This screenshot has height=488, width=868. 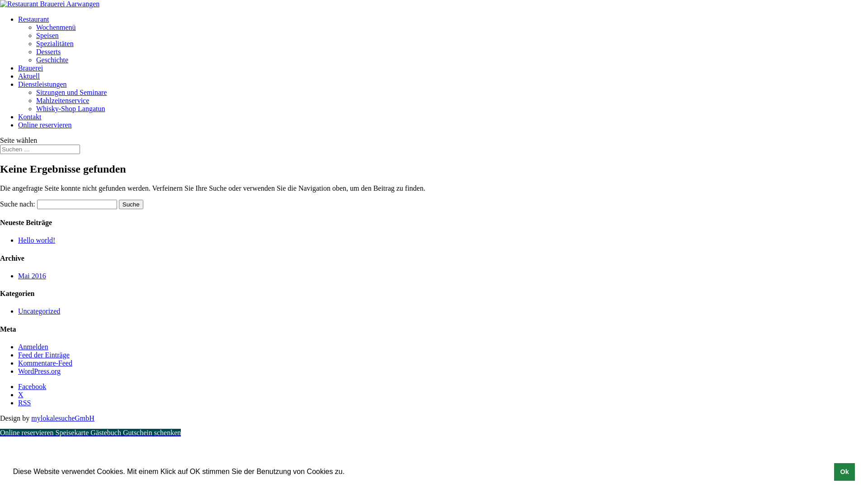 What do you see at coordinates (844, 471) in the screenshot?
I see `'Ok'` at bounding box center [844, 471].